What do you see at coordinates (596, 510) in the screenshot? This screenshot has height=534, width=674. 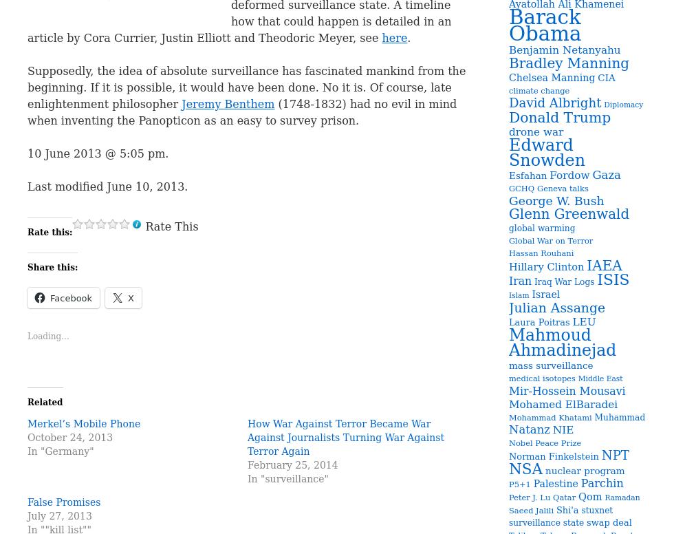 I see `'stuxnet'` at bounding box center [596, 510].